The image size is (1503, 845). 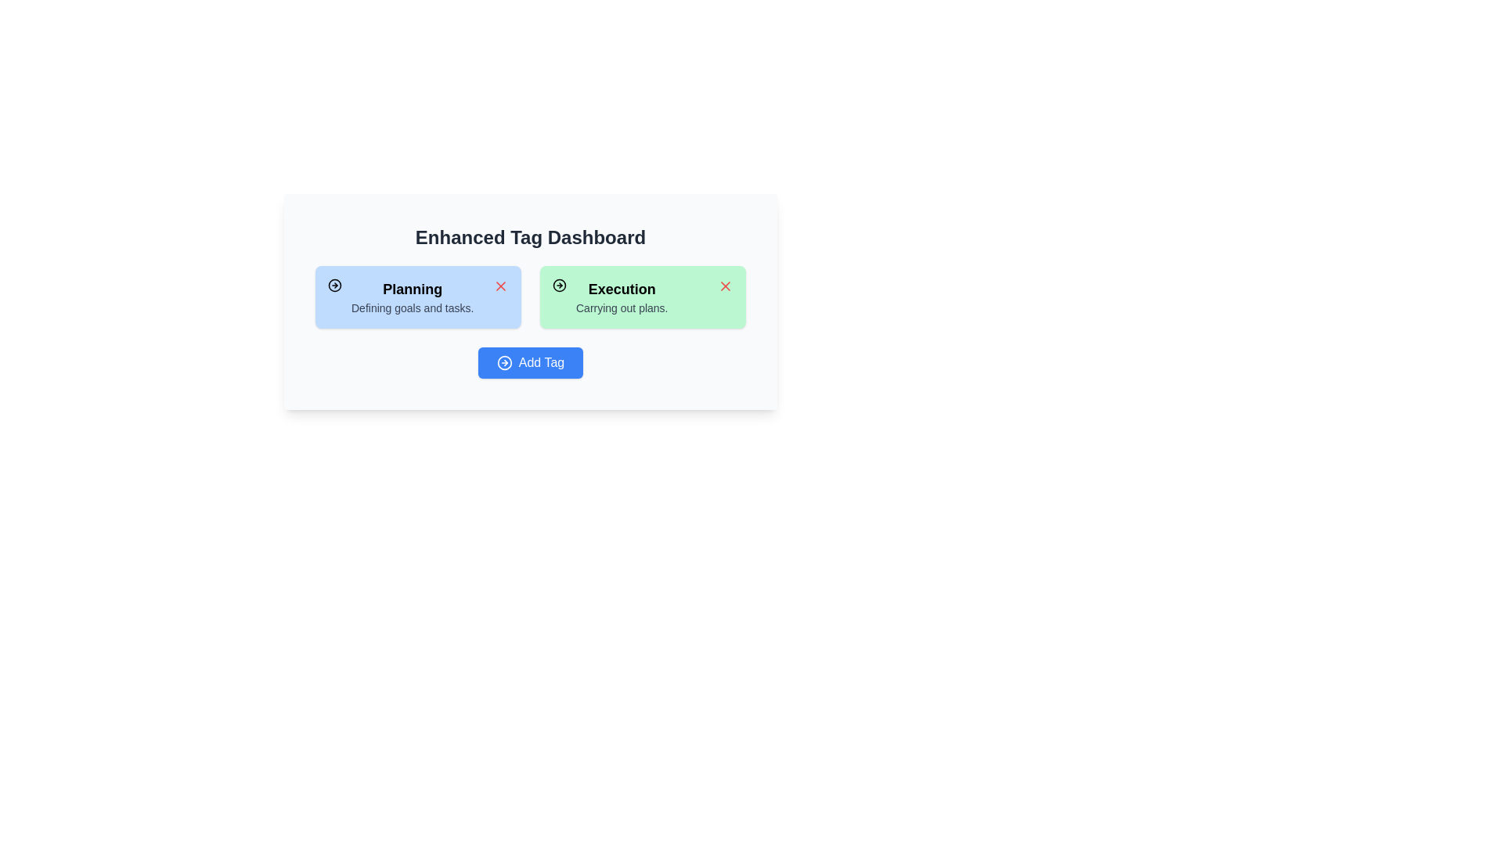 I want to click on the red close (X) icon in the top-right corner of the 'Planning' card, so click(x=499, y=286).